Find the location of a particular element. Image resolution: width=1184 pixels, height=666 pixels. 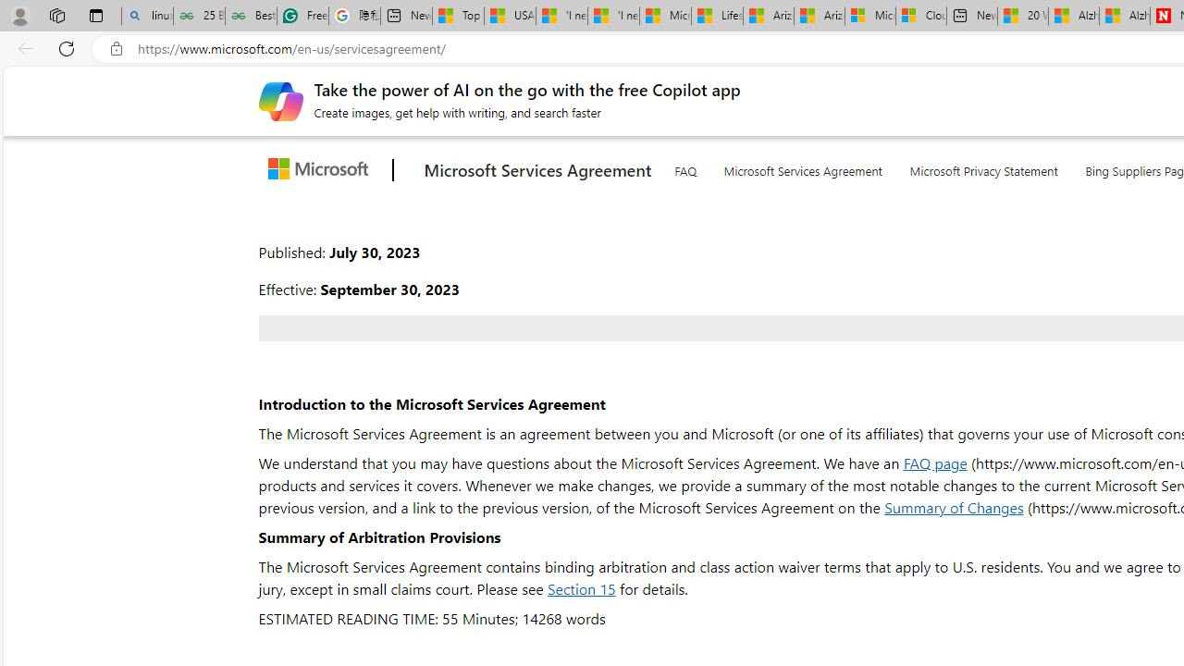

'Summary of Changes' is located at coordinates (954, 507).